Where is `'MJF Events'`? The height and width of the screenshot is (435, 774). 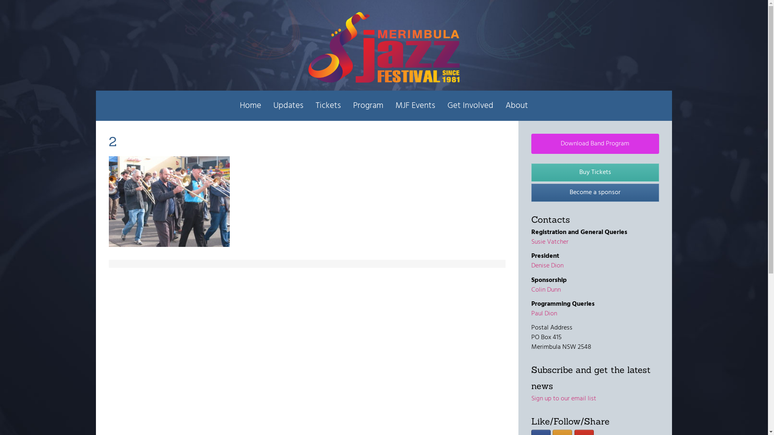 'MJF Events' is located at coordinates (415, 105).